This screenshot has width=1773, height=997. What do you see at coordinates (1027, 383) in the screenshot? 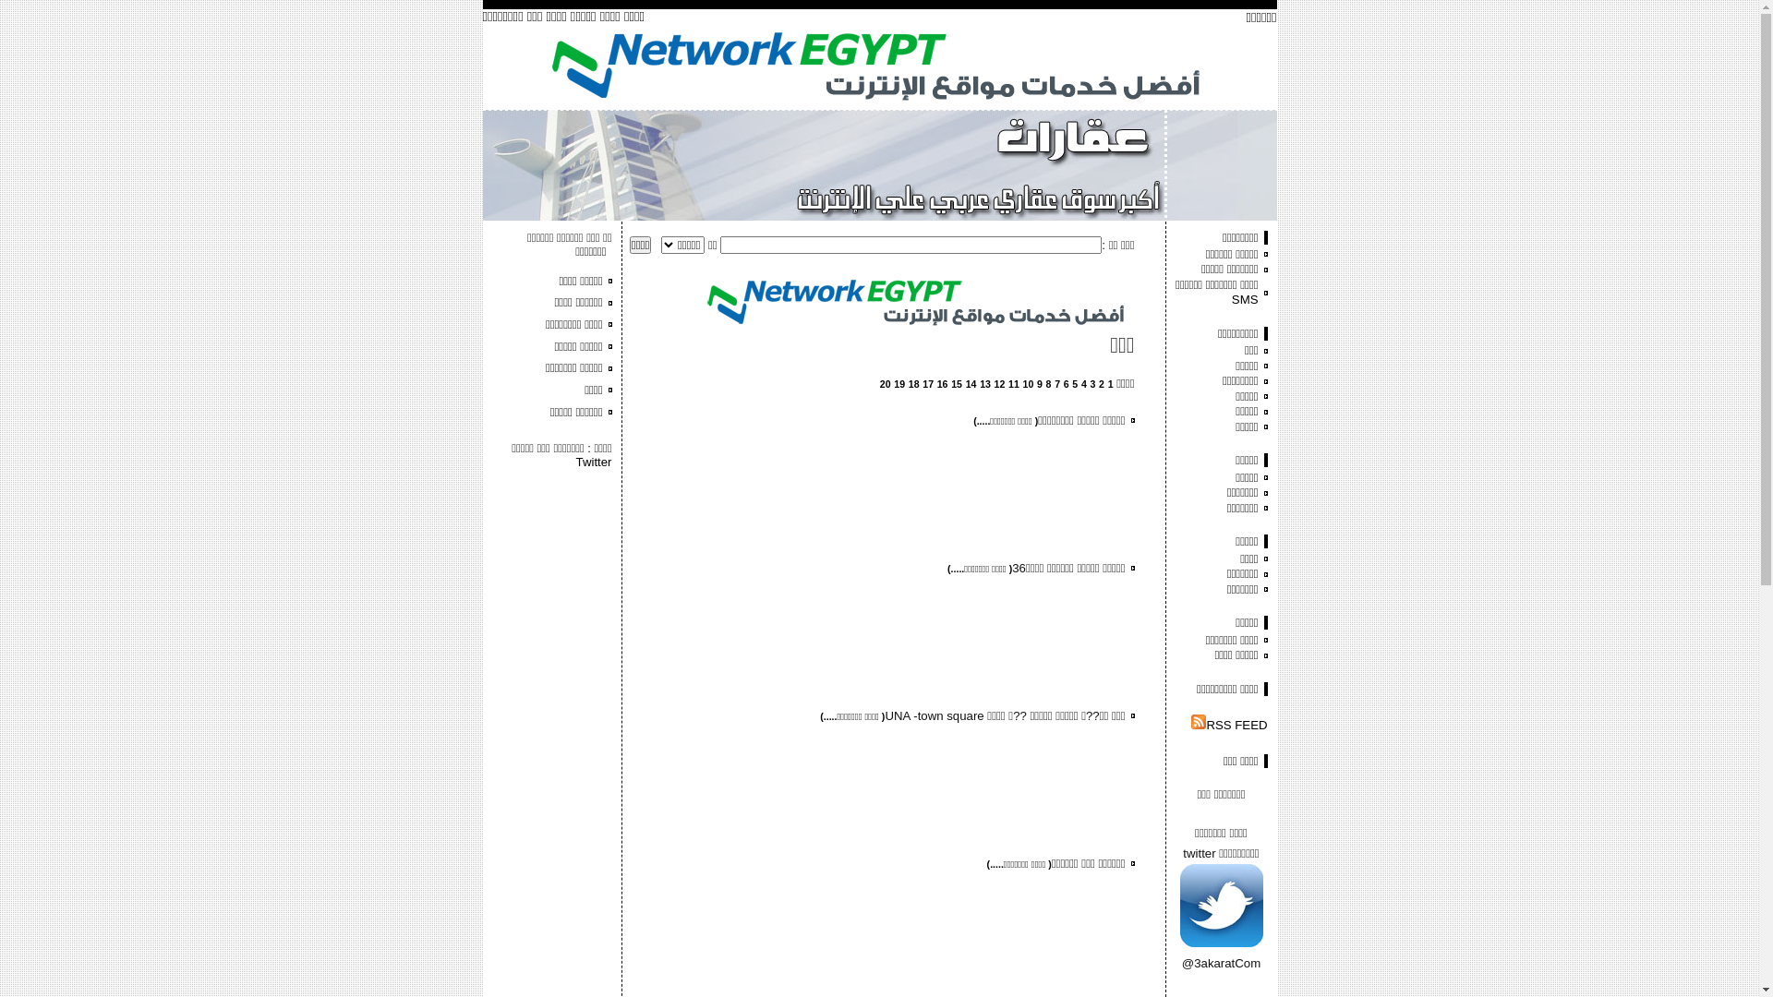
I see `'10'` at bounding box center [1027, 383].